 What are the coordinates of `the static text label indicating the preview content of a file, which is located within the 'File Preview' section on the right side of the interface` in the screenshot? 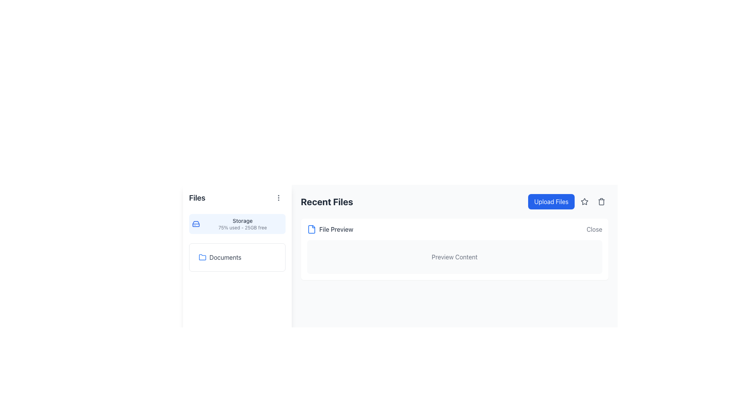 It's located at (454, 257).